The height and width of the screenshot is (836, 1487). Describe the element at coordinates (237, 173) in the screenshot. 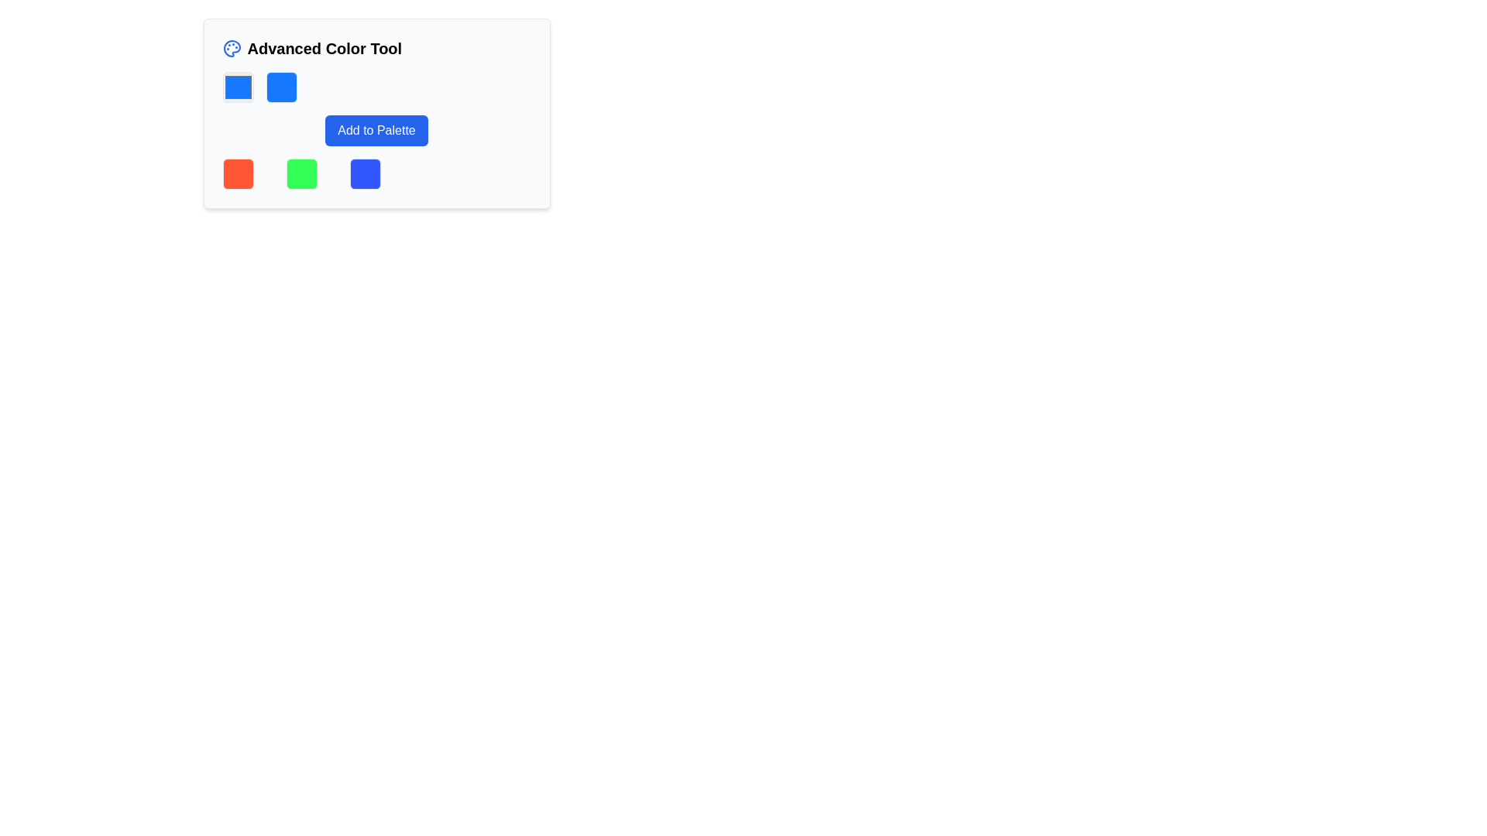

I see `the color selection box with a red background and rounded corners, located below the title 'Advanced Color Tool'` at that location.